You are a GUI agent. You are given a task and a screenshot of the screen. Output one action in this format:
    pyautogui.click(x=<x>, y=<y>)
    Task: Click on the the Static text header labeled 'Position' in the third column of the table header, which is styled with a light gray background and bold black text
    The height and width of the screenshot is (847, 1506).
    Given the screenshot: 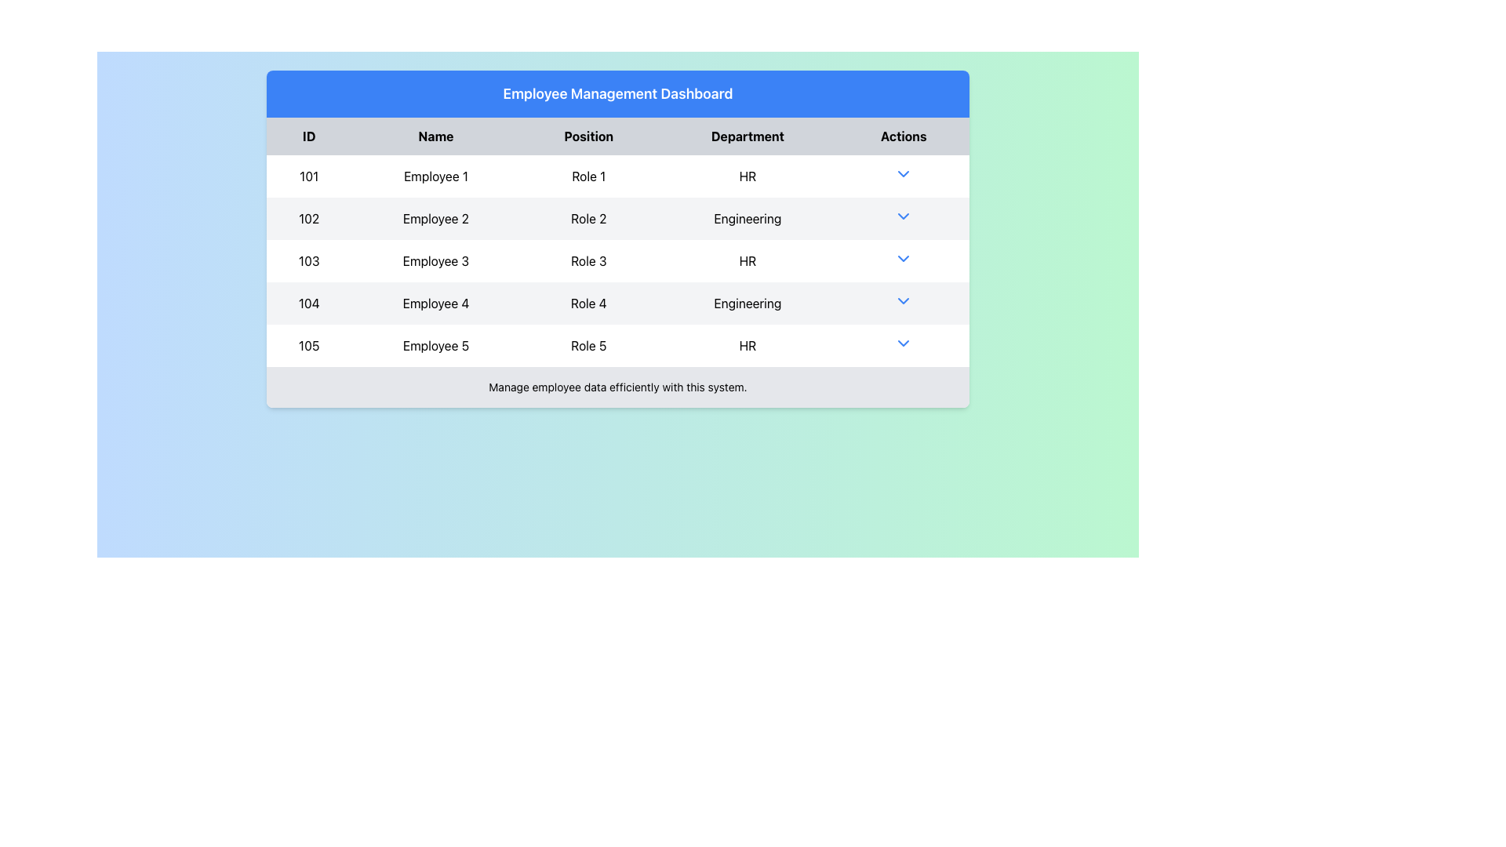 What is the action you would take?
    pyautogui.click(x=587, y=135)
    